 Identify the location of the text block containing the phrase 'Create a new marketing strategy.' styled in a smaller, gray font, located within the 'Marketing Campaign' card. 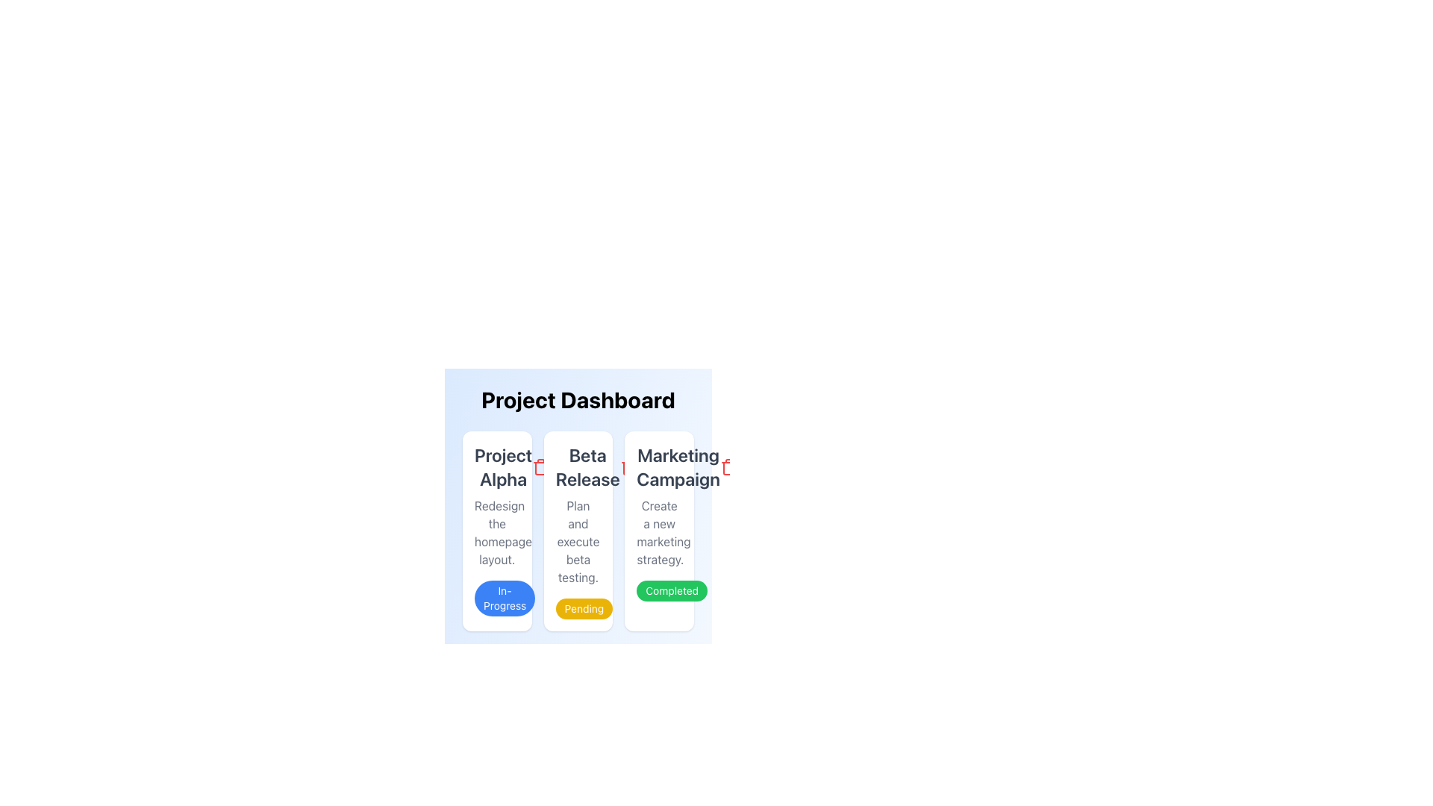
(658, 531).